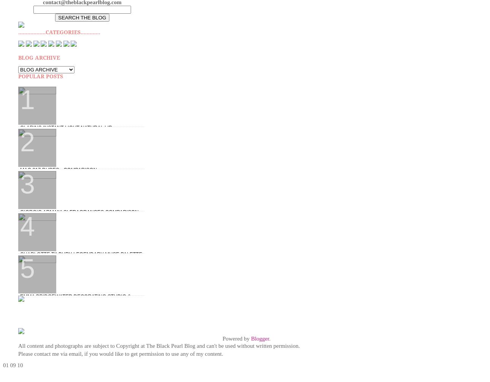 Image resolution: width=490 pixels, height=382 pixels. I want to click on 'All content and photographs are subject to', so click(66, 345).